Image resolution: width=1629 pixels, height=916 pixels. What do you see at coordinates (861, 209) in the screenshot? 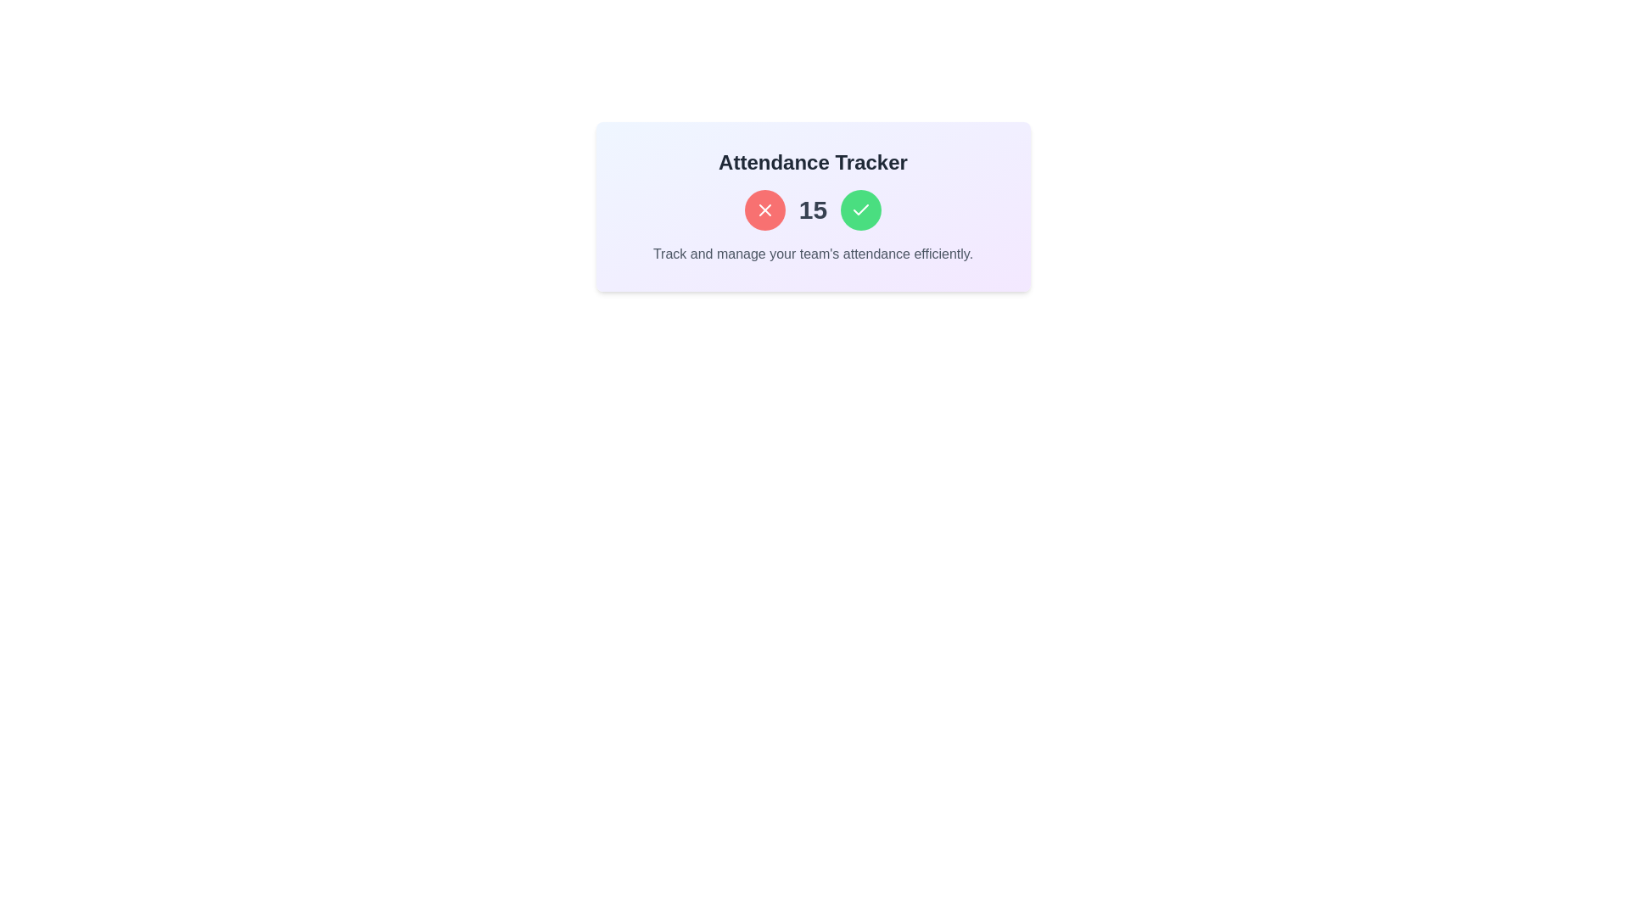
I see `the confirmation button located third from the left, to the right of a red circular button and a '15' text element, for keyboard navigation` at bounding box center [861, 209].